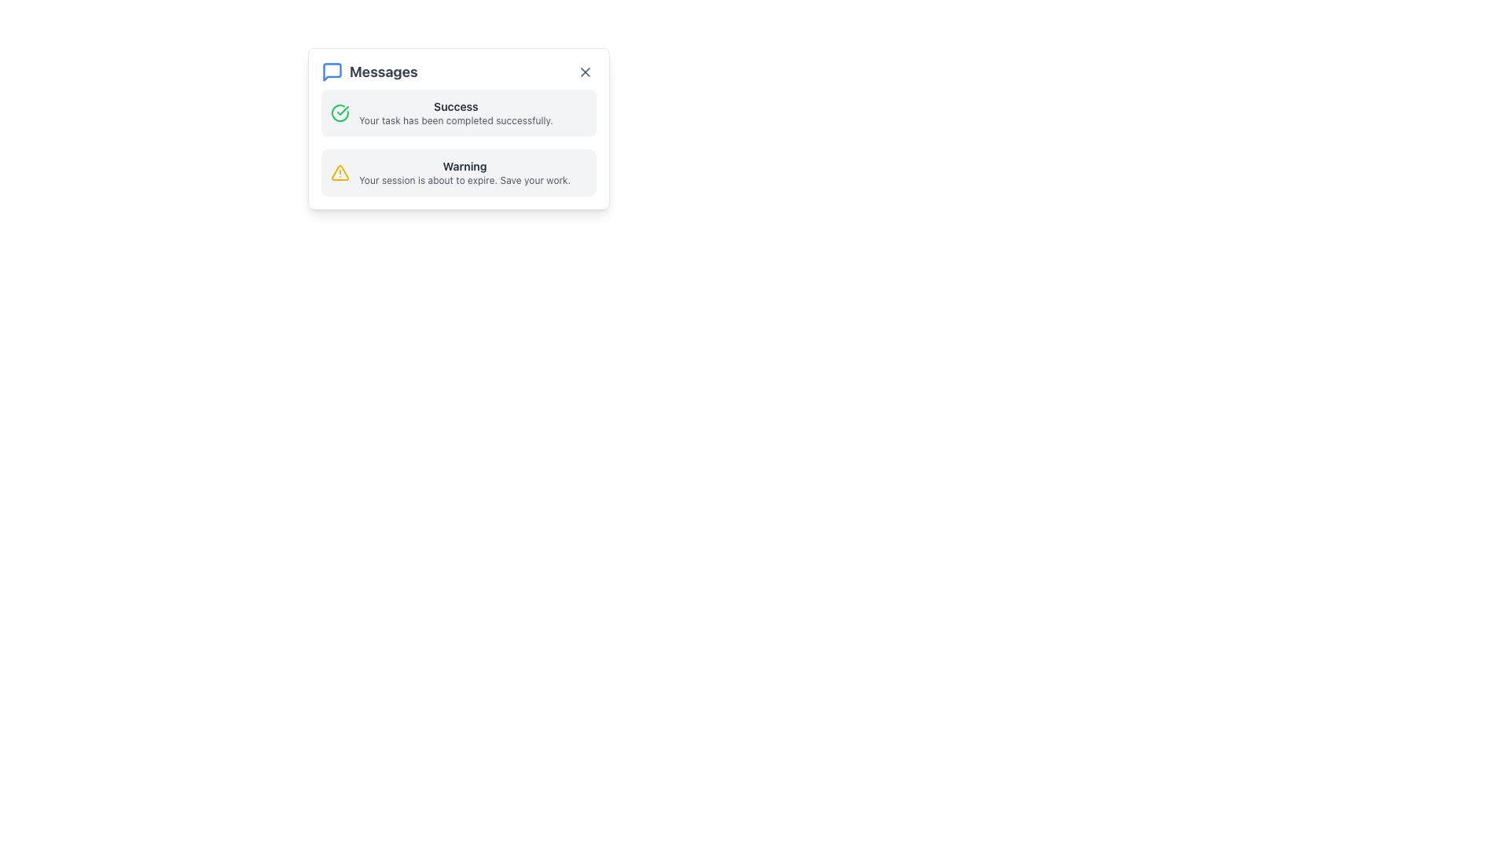  I want to click on the warning icon located to the left of the message text 'Your session is about to expire. Save your work.', so click(339, 172).